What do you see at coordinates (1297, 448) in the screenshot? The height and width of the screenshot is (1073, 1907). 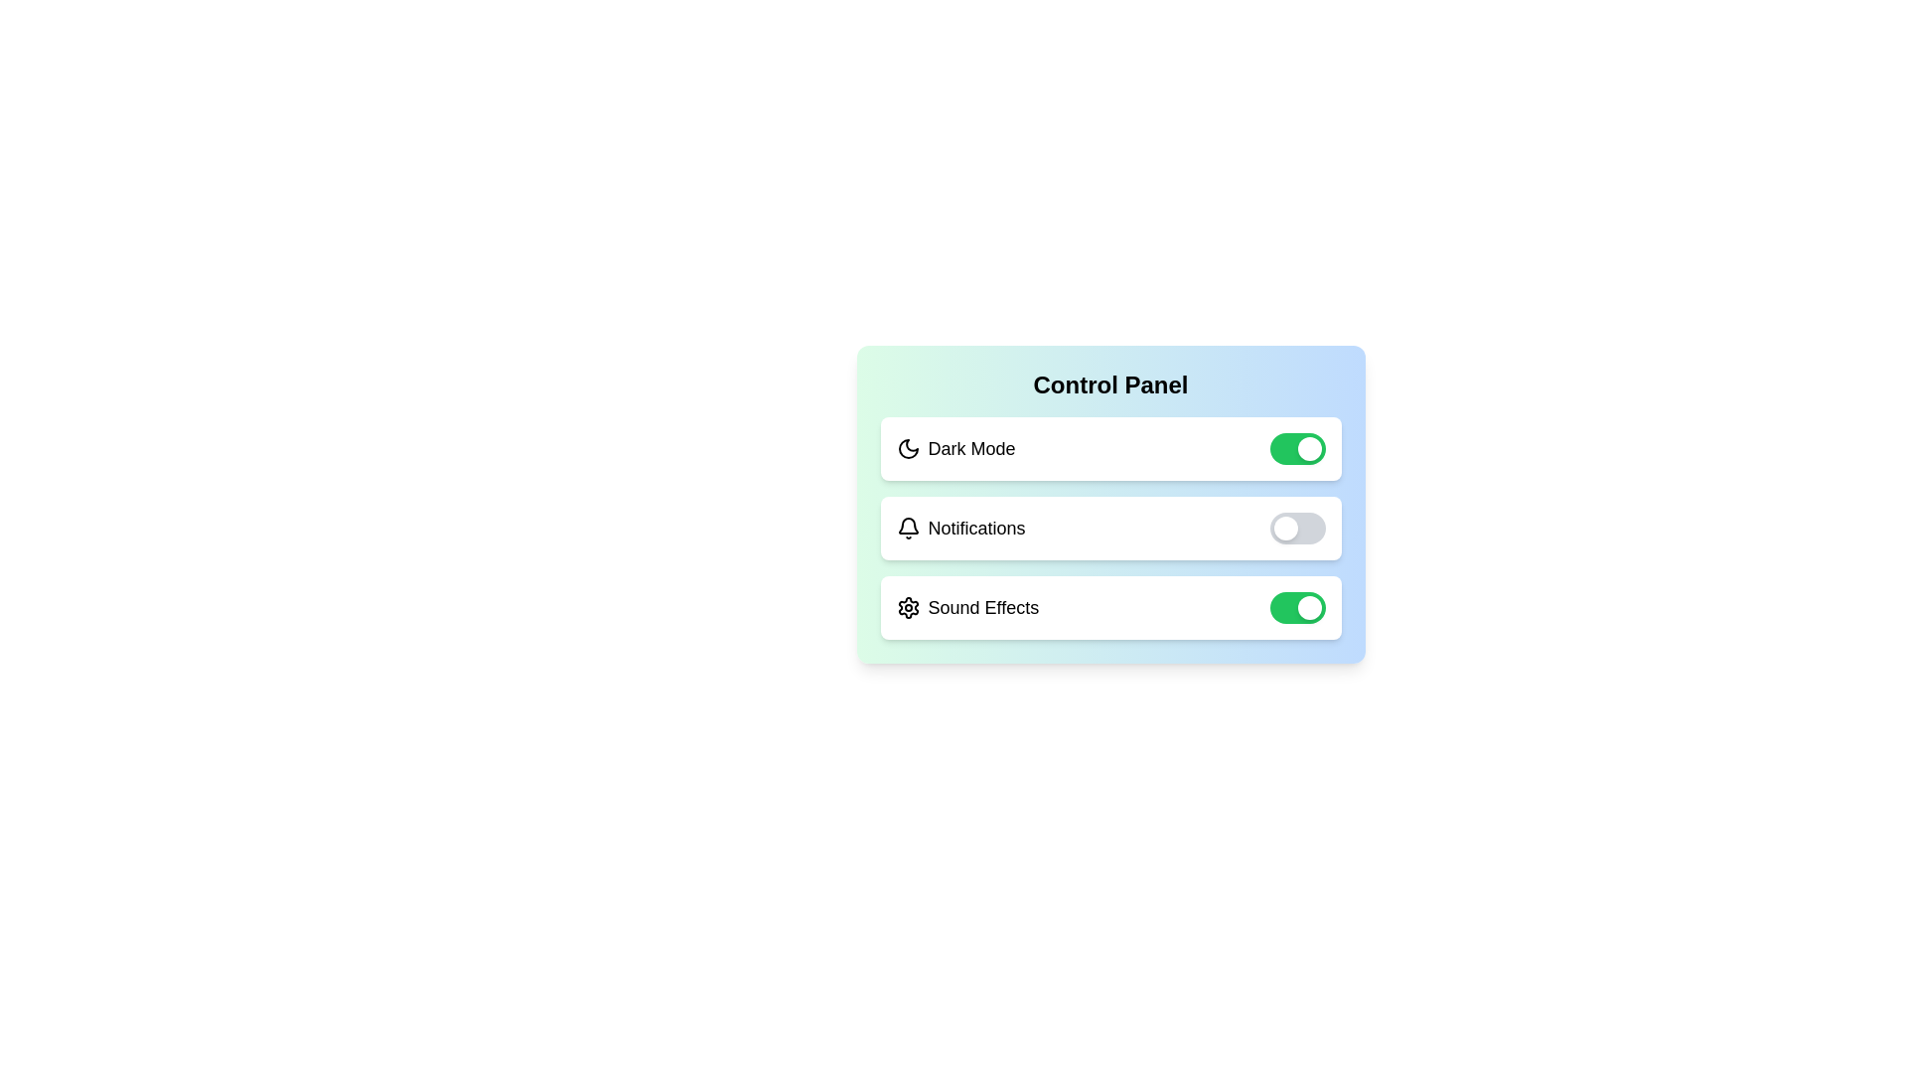 I see `the toggle button for 'Dark Mode' to change its state` at bounding box center [1297, 448].